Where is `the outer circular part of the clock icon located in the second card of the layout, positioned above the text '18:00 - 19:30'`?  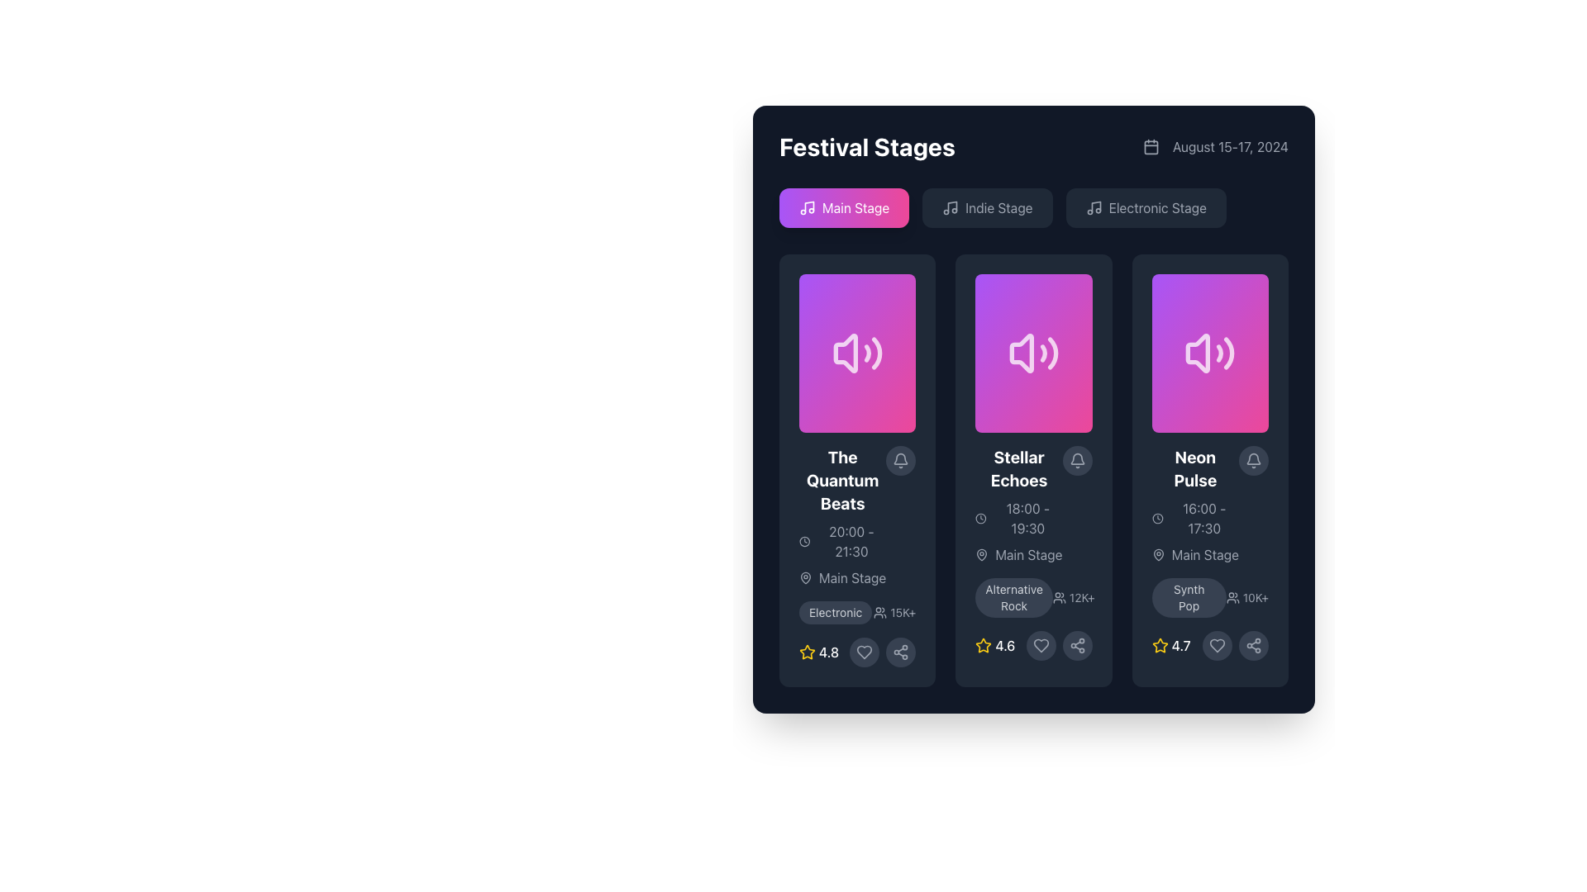
the outer circular part of the clock icon located in the second card of the layout, positioned above the text '18:00 - 19:30' is located at coordinates (981, 518).